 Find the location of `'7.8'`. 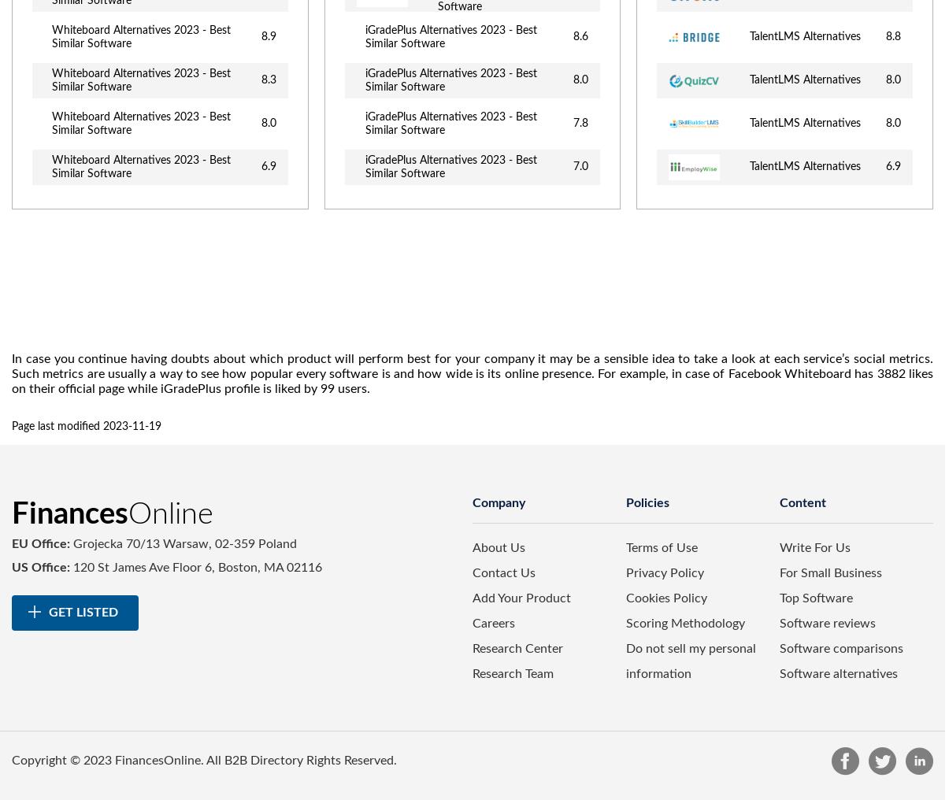

'7.8' is located at coordinates (580, 122).